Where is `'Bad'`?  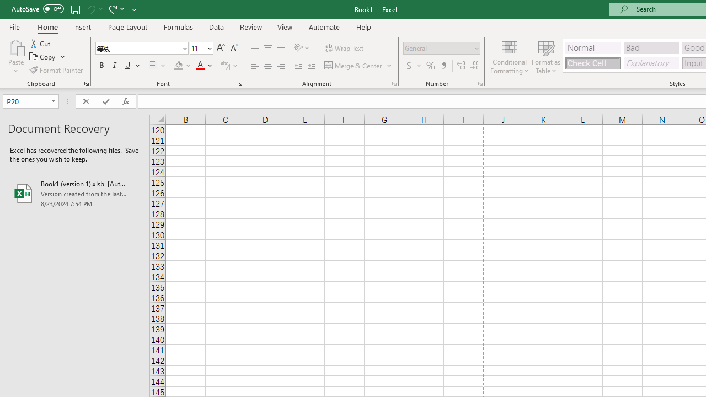 'Bad' is located at coordinates (651, 47).